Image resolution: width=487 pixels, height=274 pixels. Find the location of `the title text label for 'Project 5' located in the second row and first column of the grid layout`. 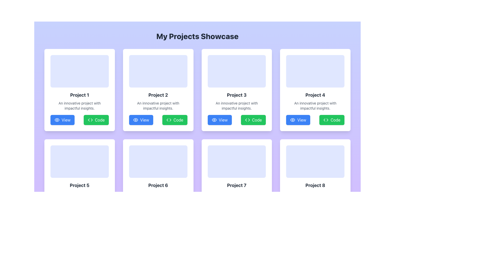

the title text label for 'Project 5' located in the second row and first column of the grid layout is located at coordinates (79, 185).